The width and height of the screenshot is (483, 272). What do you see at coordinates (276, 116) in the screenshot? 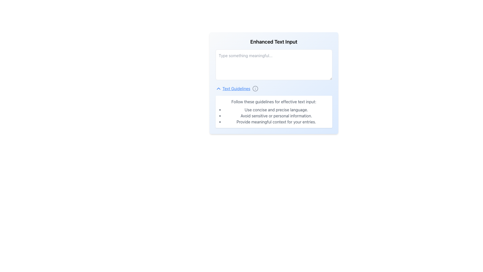
I see `the static text element reading 'Avoid sensitive or personal information.' which is styled in gray font and is the second item in a bulleted list under the heading 'Follow these guidelines for effective text input.'` at bounding box center [276, 116].